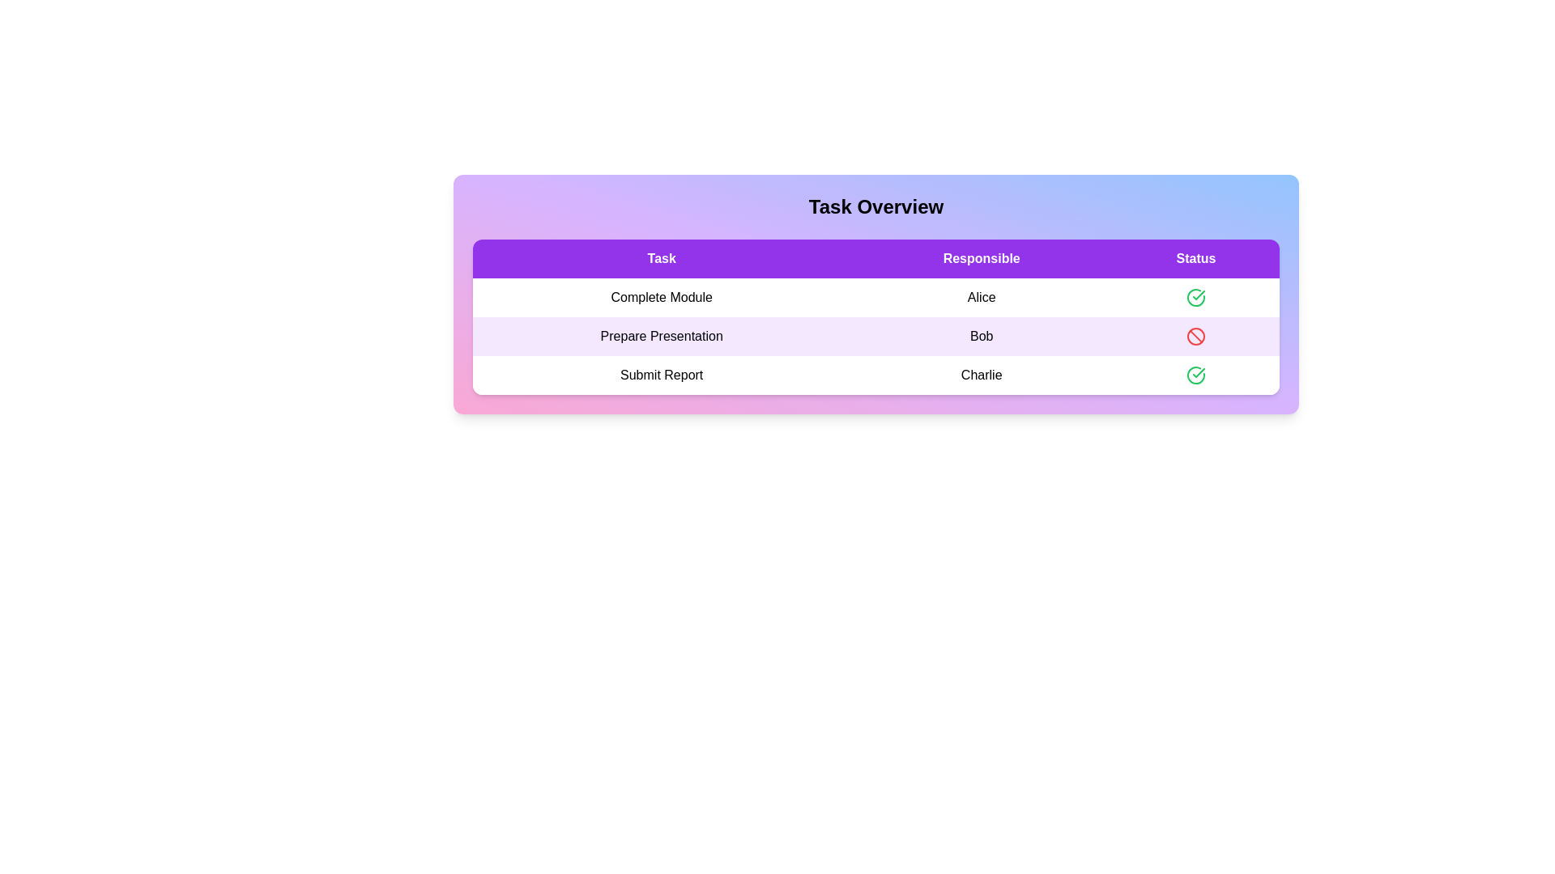 The height and width of the screenshot is (874, 1555). I want to click on the text label 'Bob' displayed in a bold font with a purple background, located in the second row of the table under the 'Responsible' column, so click(981, 336).